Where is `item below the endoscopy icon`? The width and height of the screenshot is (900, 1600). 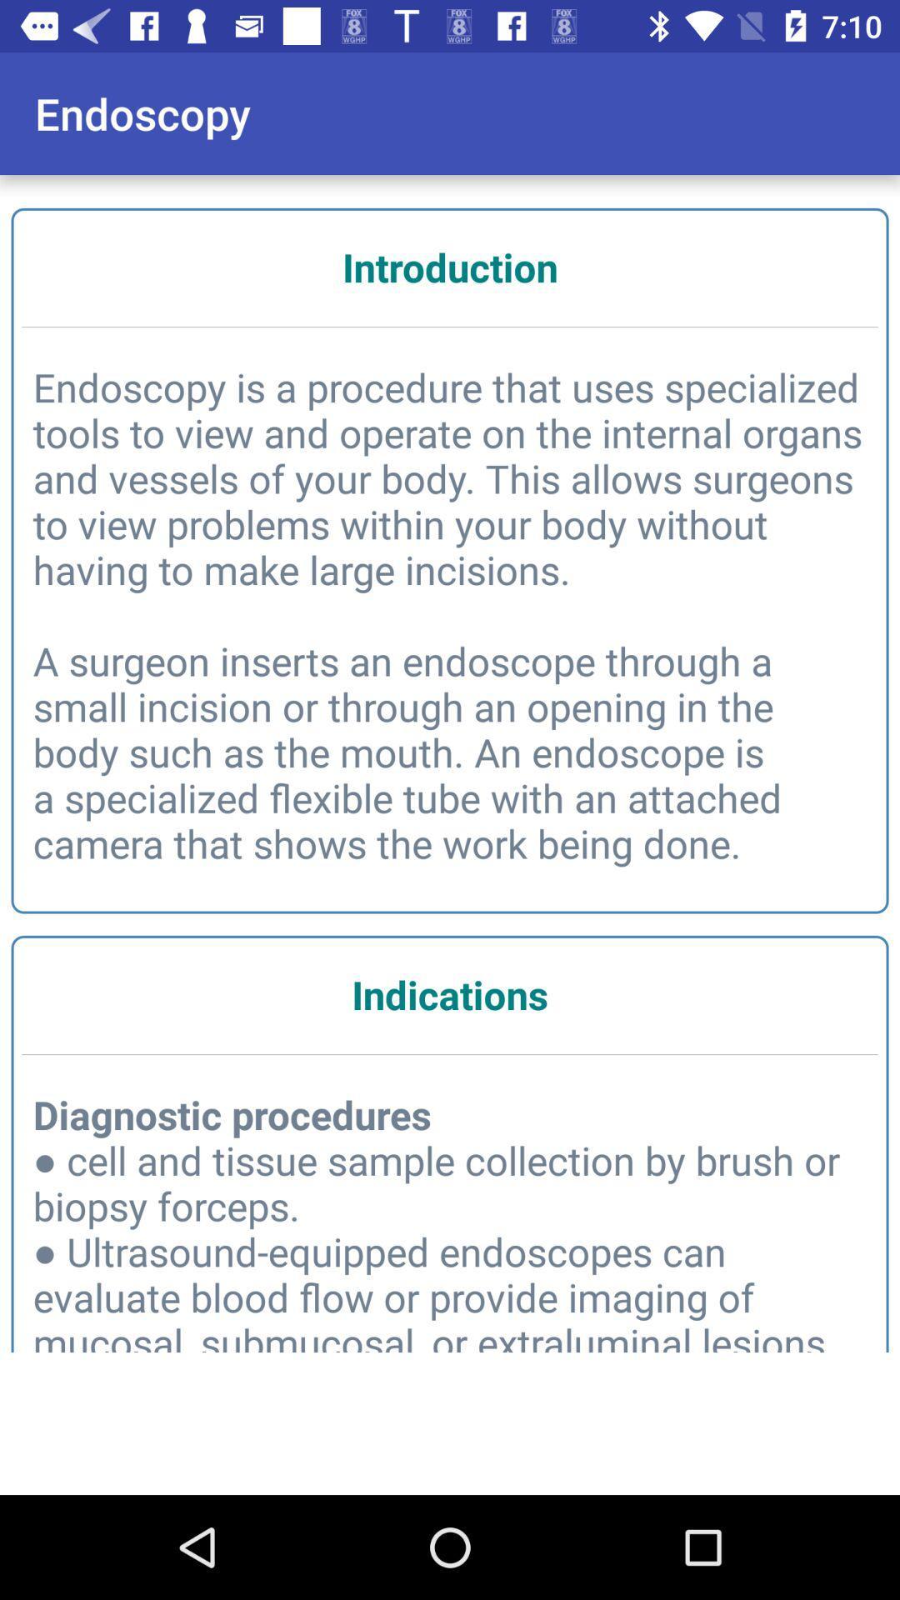 item below the endoscopy icon is located at coordinates (450, 267).